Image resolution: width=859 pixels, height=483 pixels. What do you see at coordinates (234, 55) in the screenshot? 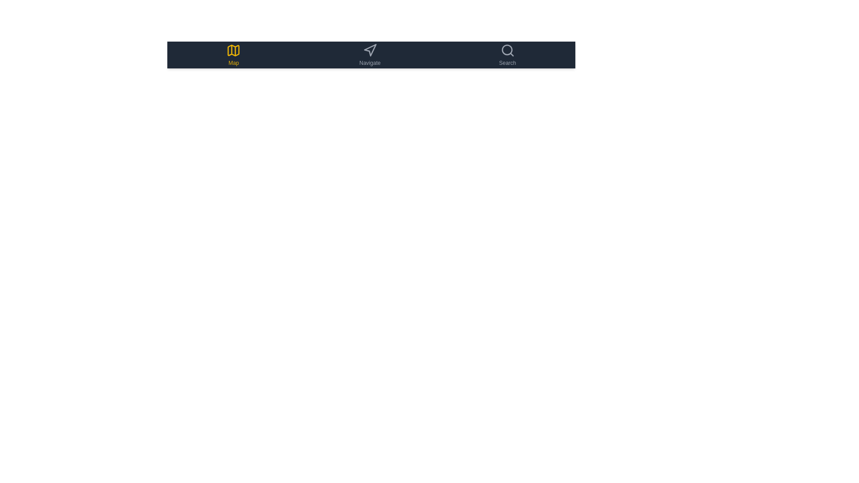
I see `the navigation button located in the left segment of the horizontal navigation bar` at bounding box center [234, 55].